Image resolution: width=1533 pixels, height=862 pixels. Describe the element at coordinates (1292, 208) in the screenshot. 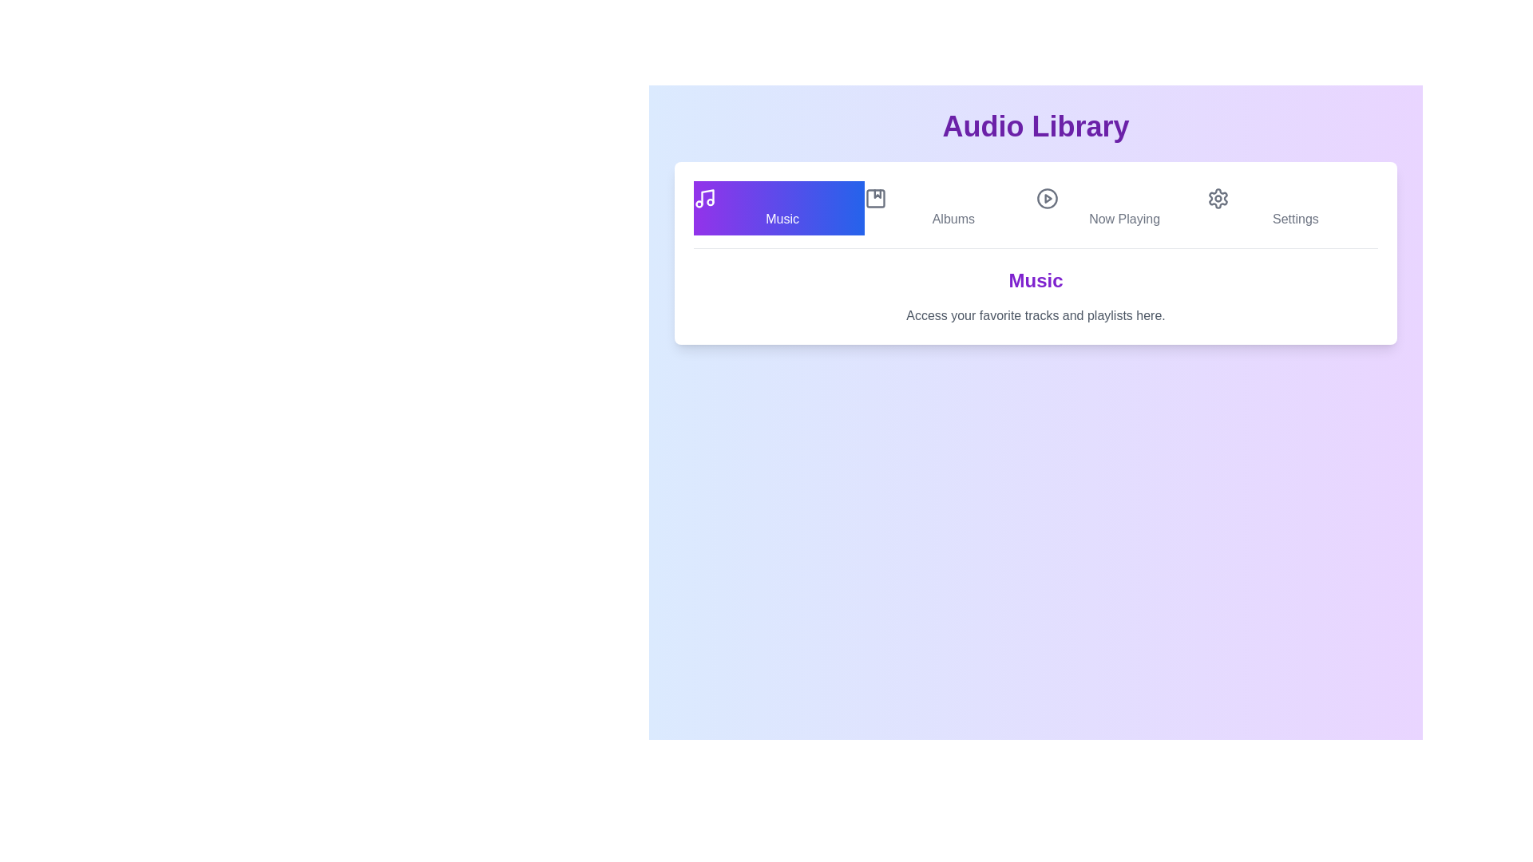

I see `the 'Settings' button with a settings icon to observe the hover effects that change the text color to purple` at that location.